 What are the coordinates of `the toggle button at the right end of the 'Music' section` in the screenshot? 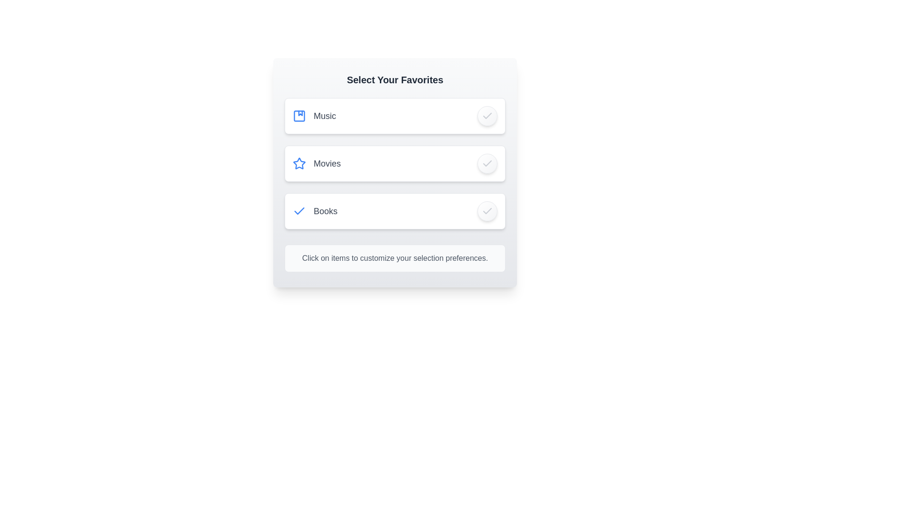 It's located at (487, 115).